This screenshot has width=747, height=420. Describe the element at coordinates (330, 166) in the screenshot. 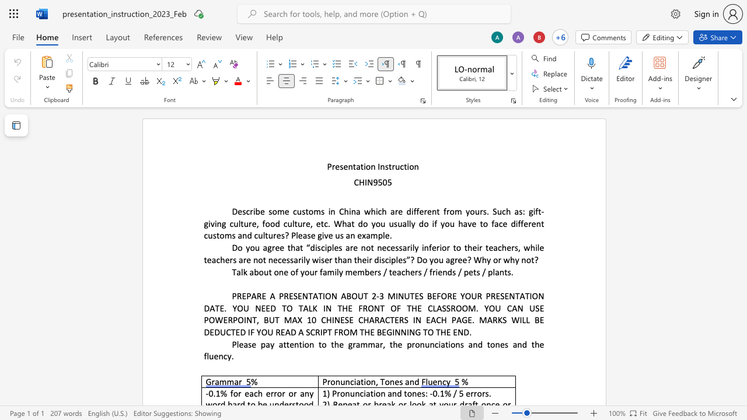

I see `the space between the continuous character "P" and "r" in the text` at that location.